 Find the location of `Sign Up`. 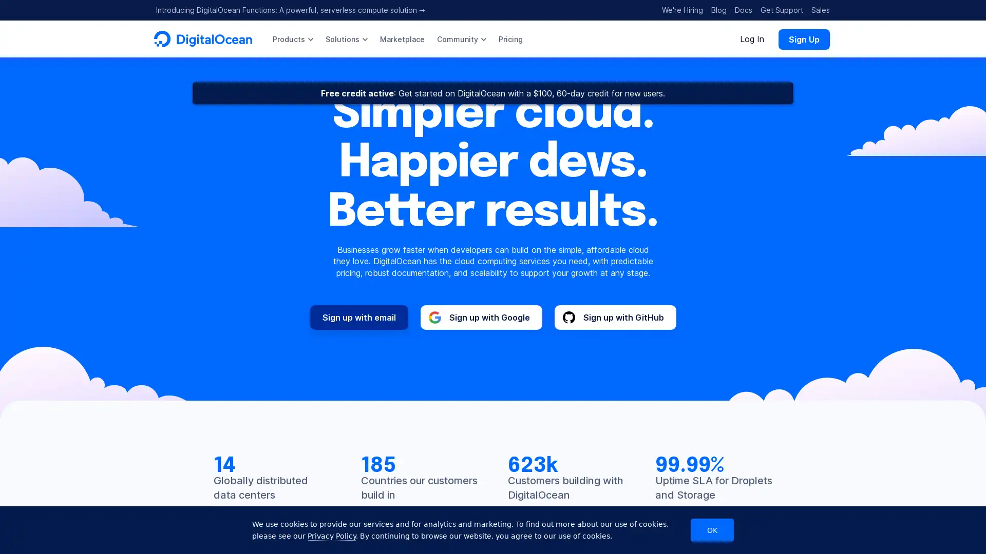

Sign Up is located at coordinates (803, 38).